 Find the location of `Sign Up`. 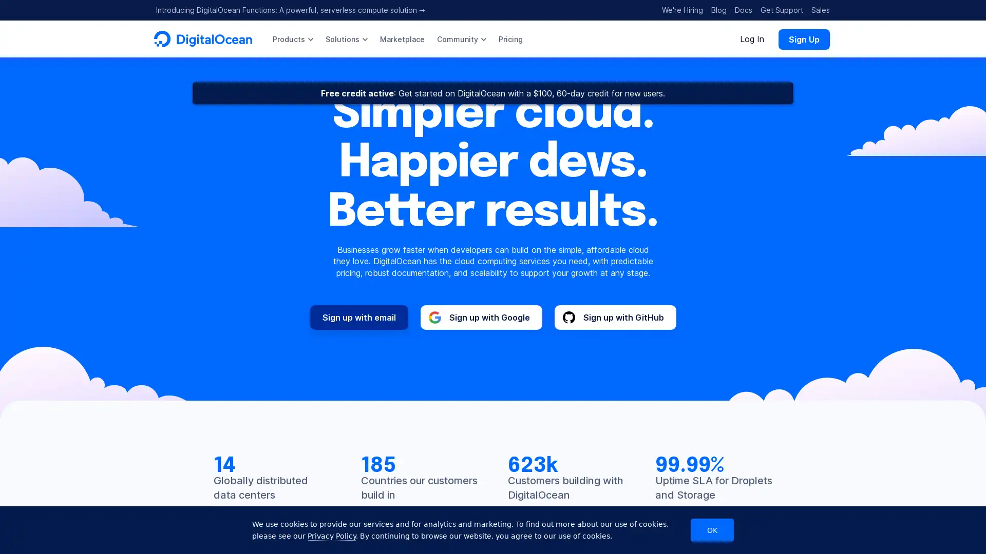

Sign Up is located at coordinates (803, 38).